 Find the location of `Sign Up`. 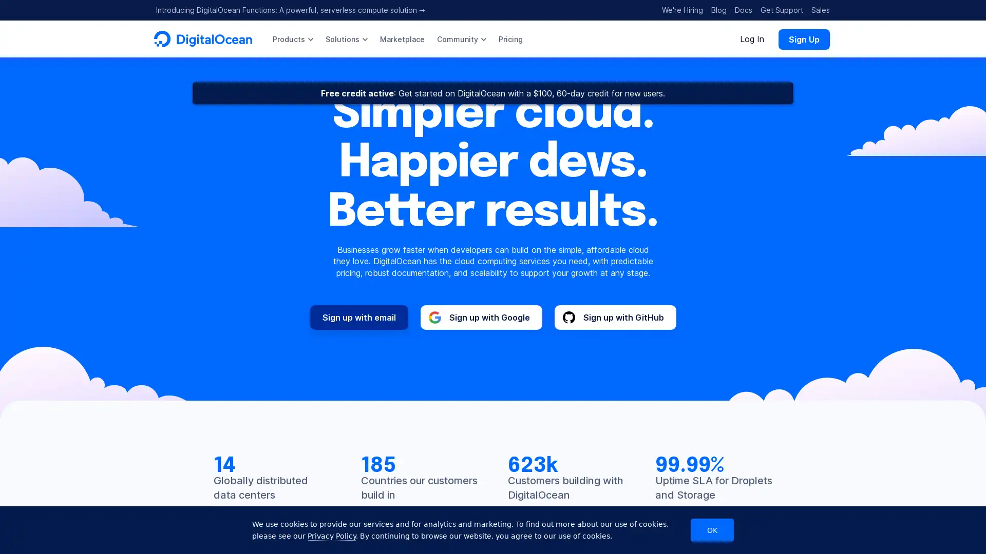

Sign Up is located at coordinates (803, 38).